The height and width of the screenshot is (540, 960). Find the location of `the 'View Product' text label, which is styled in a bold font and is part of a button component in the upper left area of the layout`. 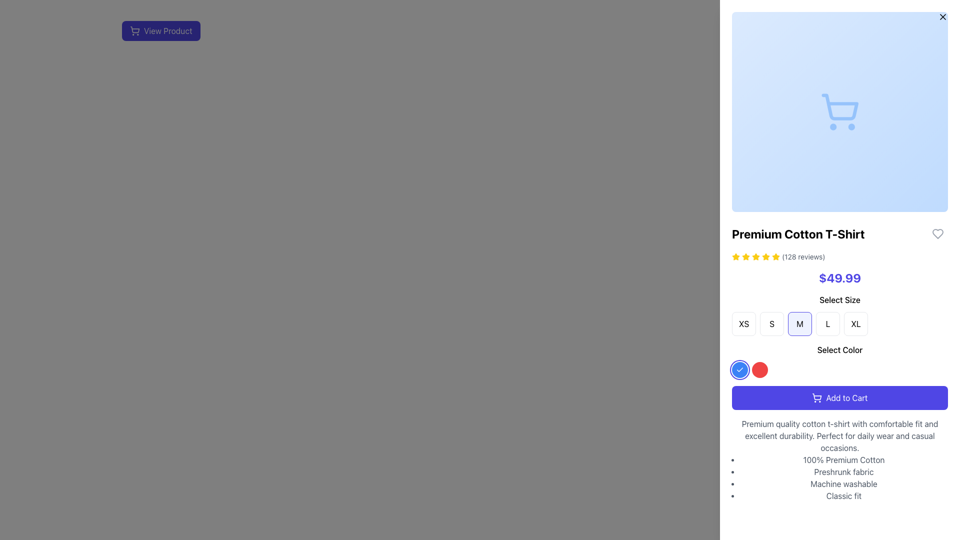

the 'View Product' text label, which is styled in a bold font and is part of a button component in the upper left area of the layout is located at coordinates (168, 30).